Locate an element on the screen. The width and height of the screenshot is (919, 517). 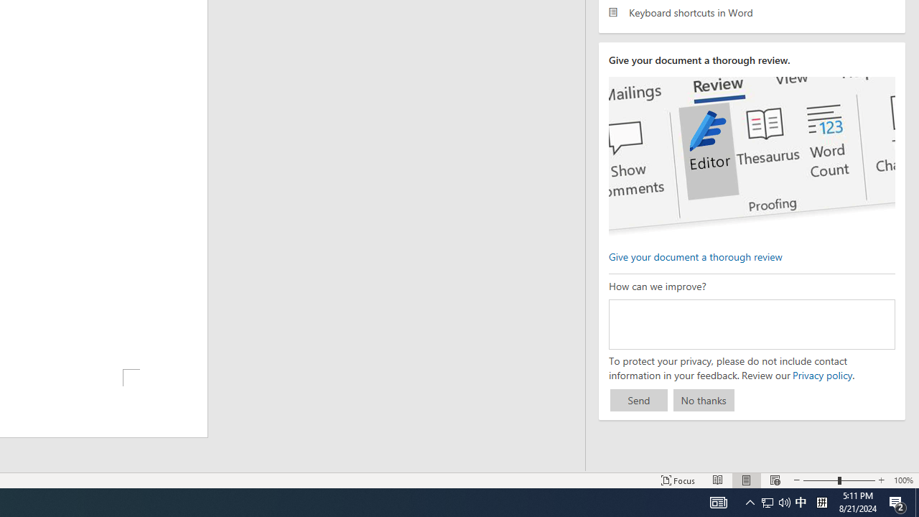
'Keyboard shortcuts in Word' is located at coordinates (751, 12).